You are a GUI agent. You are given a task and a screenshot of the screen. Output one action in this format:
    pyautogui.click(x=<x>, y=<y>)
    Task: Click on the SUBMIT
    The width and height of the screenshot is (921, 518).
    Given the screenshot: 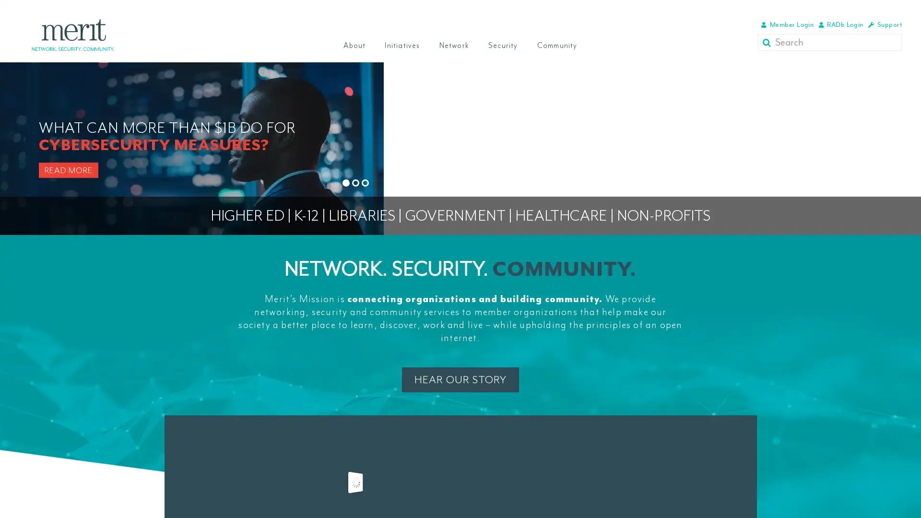 What is the action you would take?
    pyautogui.click(x=768, y=42)
    